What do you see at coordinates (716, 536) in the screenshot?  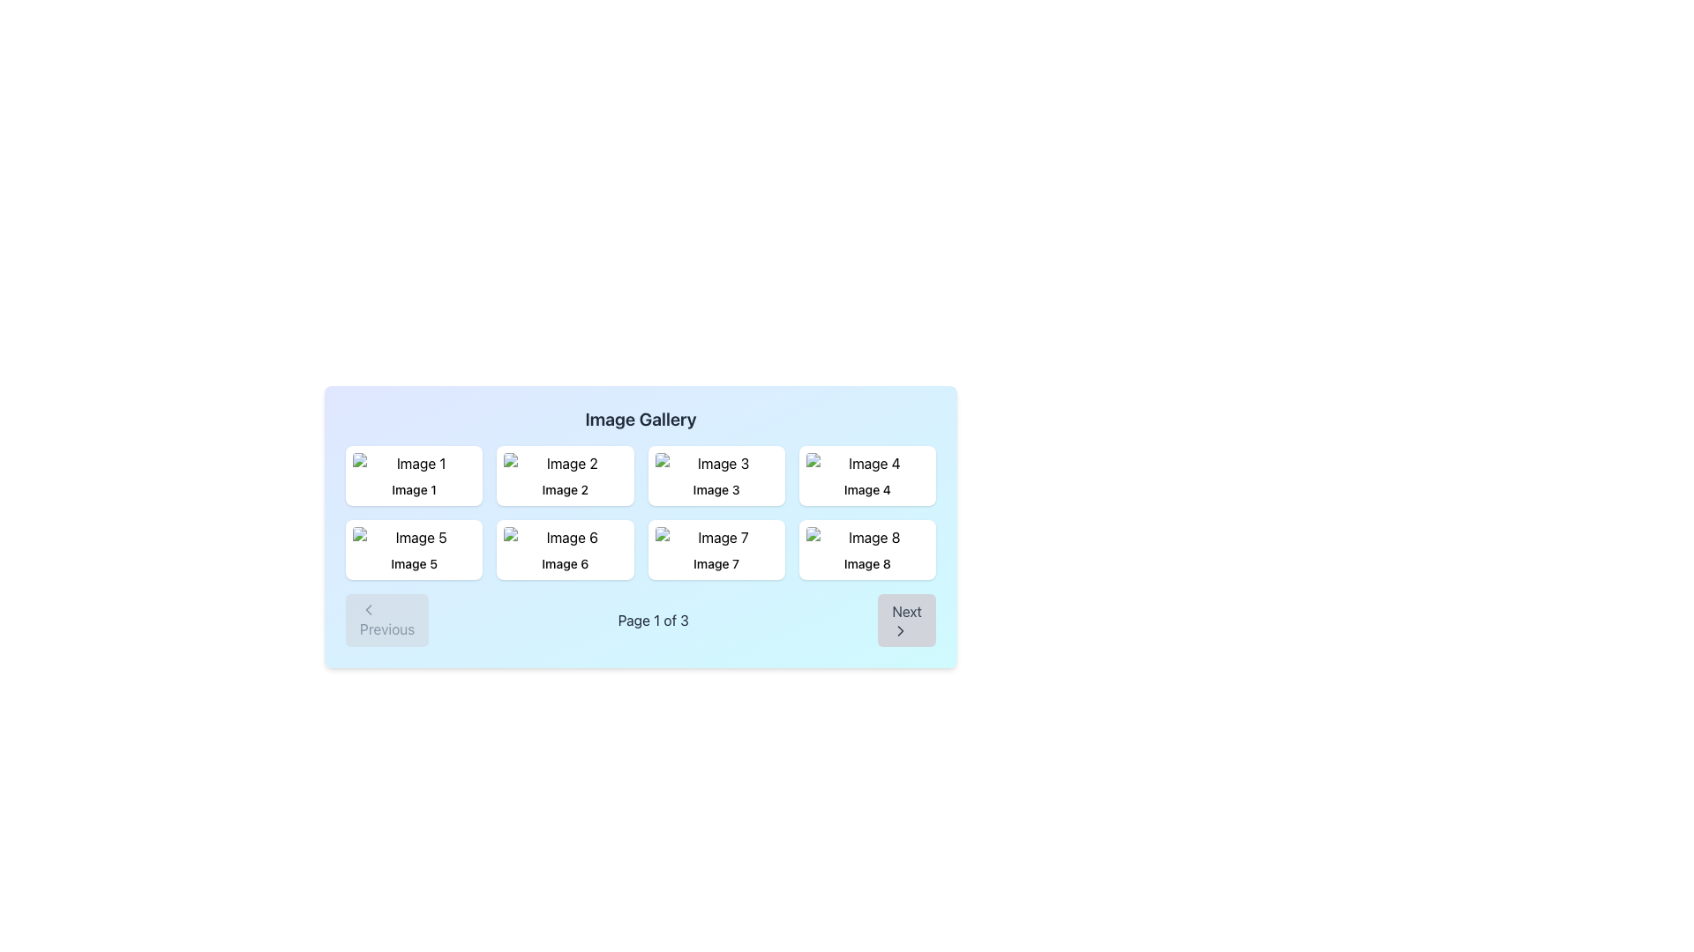 I see `the image placeholder in the third row, second column of the gallery` at bounding box center [716, 536].